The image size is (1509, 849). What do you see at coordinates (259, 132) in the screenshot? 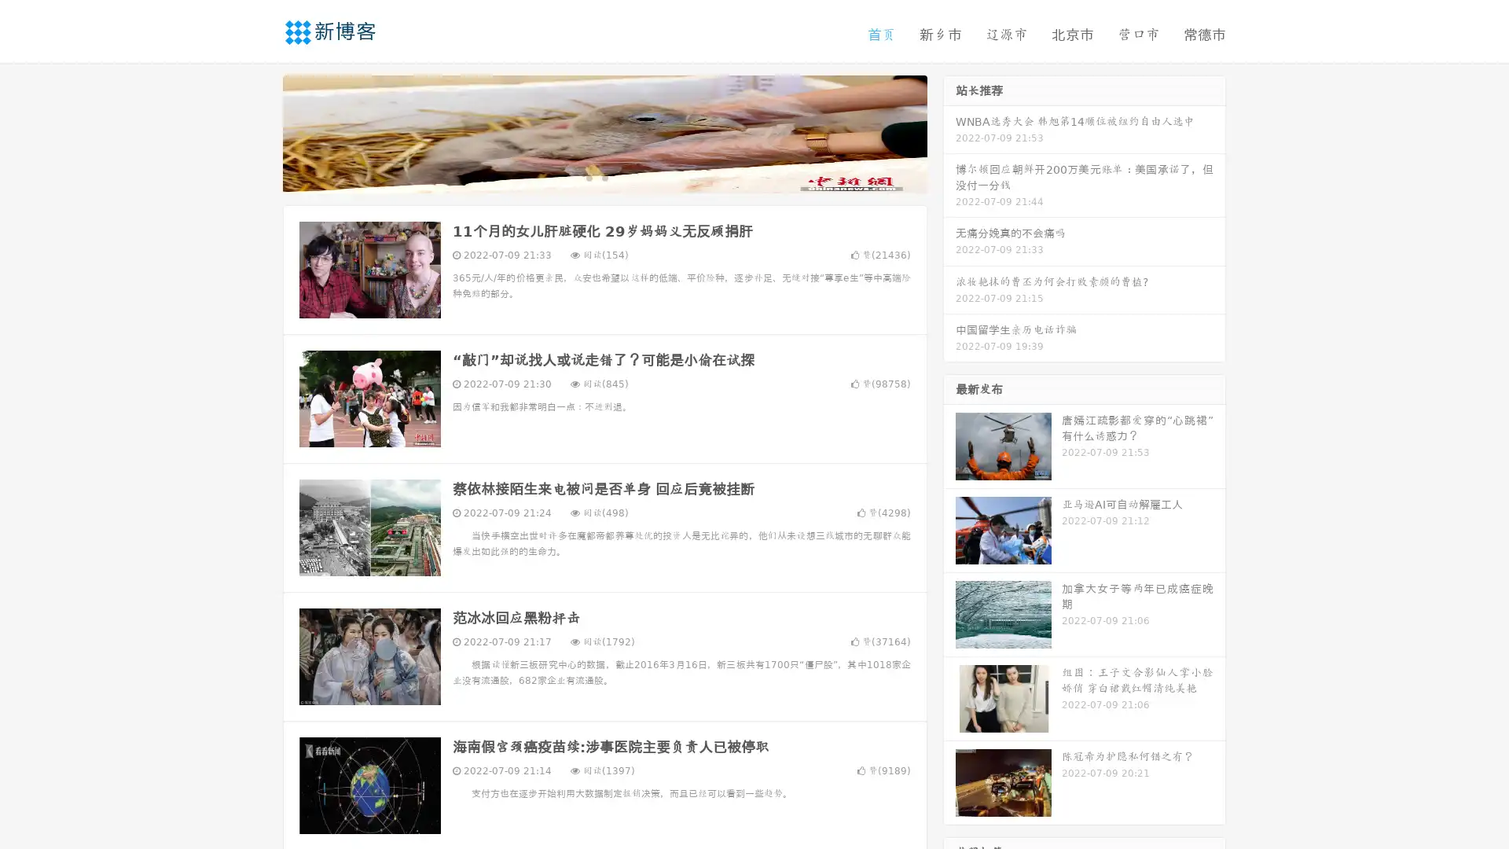
I see `Previous slide` at bounding box center [259, 132].